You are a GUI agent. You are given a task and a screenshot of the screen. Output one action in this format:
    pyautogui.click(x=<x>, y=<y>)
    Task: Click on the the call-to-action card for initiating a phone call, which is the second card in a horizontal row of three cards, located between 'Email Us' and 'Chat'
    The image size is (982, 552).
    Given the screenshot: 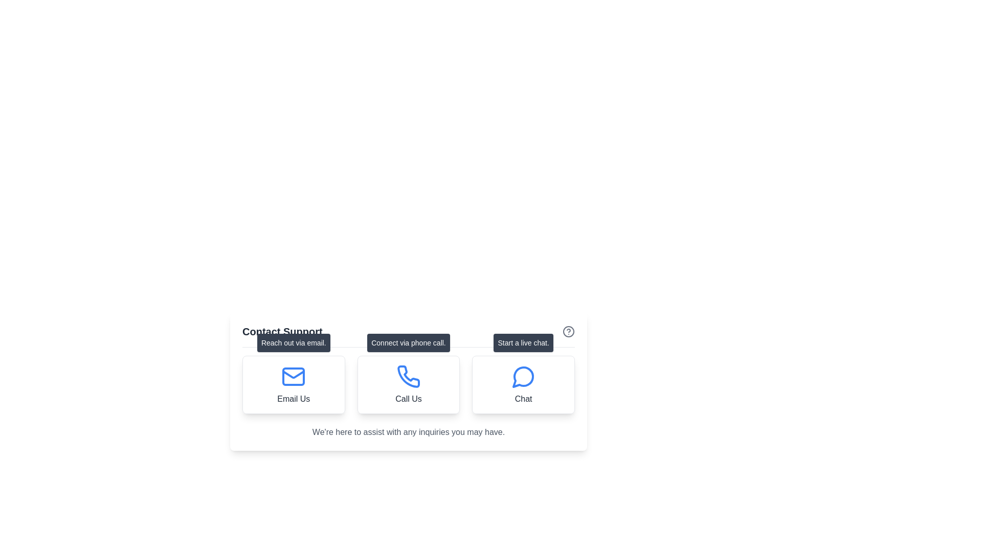 What is the action you would take?
    pyautogui.click(x=408, y=384)
    